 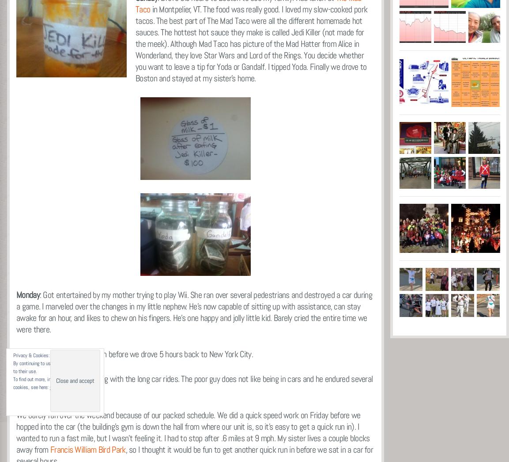 What do you see at coordinates (146, 354) in the screenshot?
I see `': Went for a quick run before we drove 5 hours back to New York City.'` at bounding box center [146, 354].